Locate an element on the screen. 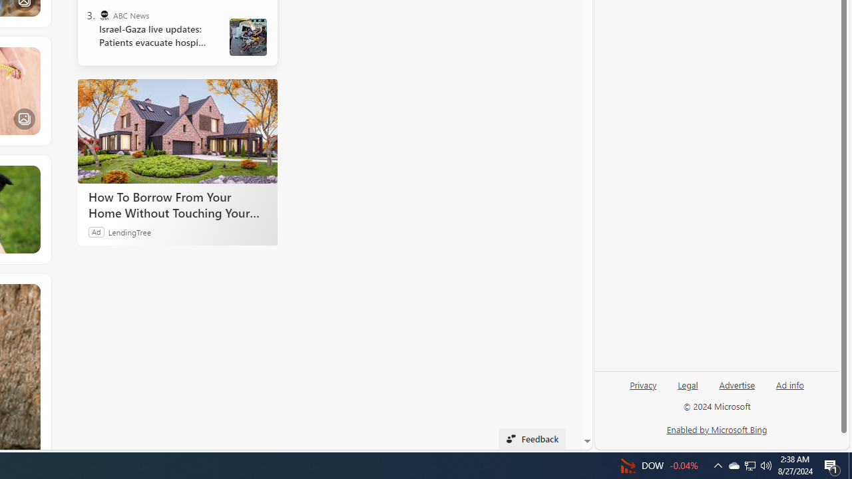 The height and width of the screenshot is (479, 852). 'LendingTree' is located at coordinates (130, 231).